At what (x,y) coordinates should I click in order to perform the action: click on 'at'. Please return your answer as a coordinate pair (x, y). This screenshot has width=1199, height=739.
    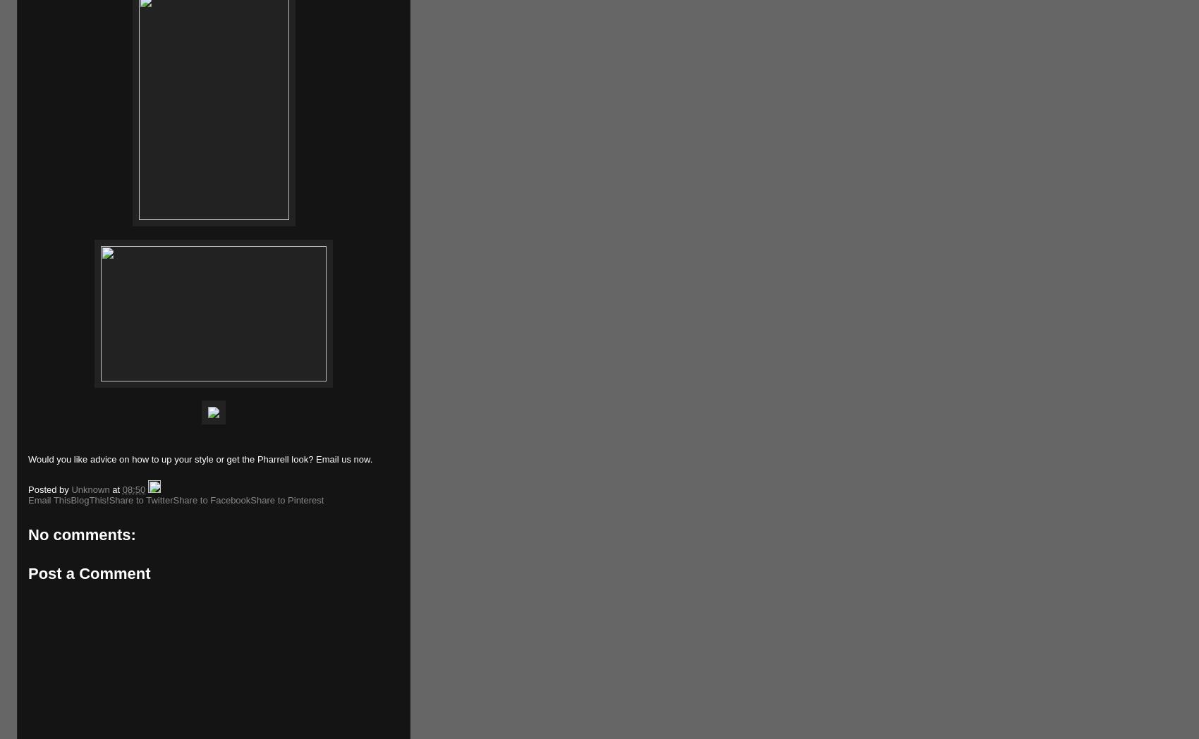
    Looking at the image, I should click on (116, 489).